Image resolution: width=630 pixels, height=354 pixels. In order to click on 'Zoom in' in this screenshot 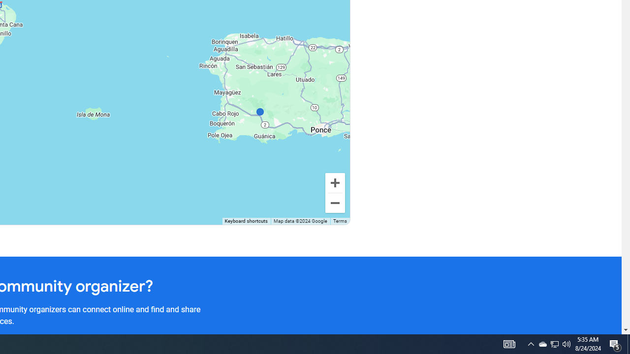, I will do `click(335, 182)`.